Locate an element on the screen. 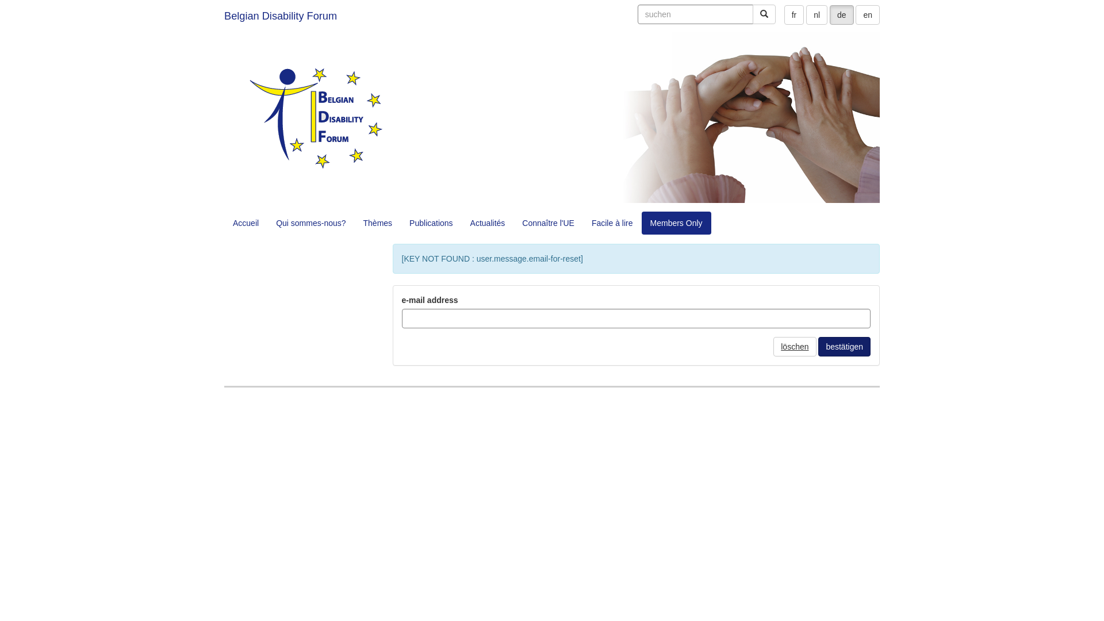 The width and height of the screenshot is (1104, 621). 'de' is located at coordinates (842, 15).